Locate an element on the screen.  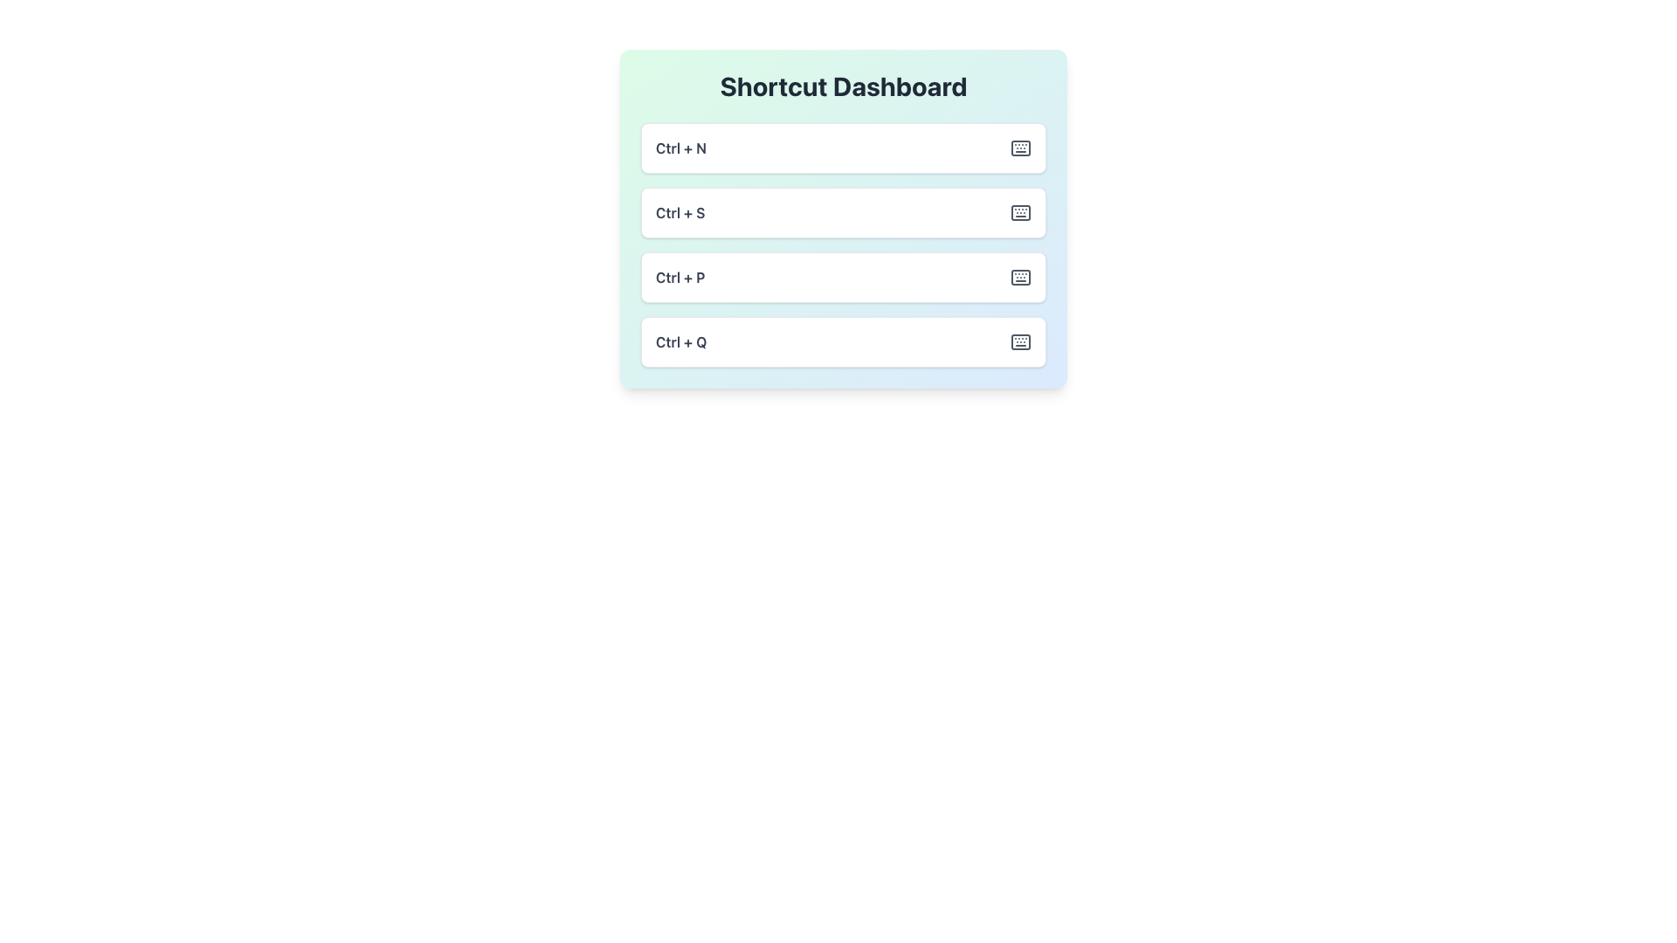
the selectable option element that displays 'Ctrl + P' with a keyboard icon is located at coordinates (843, 276).